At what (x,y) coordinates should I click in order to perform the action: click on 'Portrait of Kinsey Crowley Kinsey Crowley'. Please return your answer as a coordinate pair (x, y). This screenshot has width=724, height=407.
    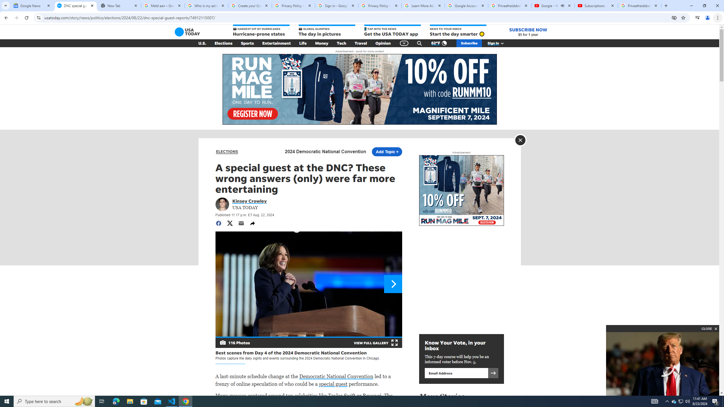
    Looking at the image, I should click on (249, 201).